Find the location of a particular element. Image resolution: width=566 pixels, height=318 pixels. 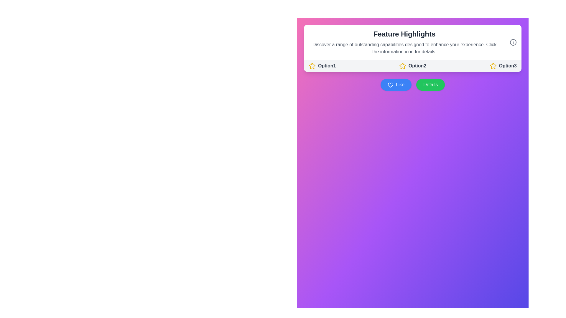

the heart-shaped vector graphic icon representing the 'Like' functionality, located to the left of the 'Like' button text is located at coordinates (390, 85).